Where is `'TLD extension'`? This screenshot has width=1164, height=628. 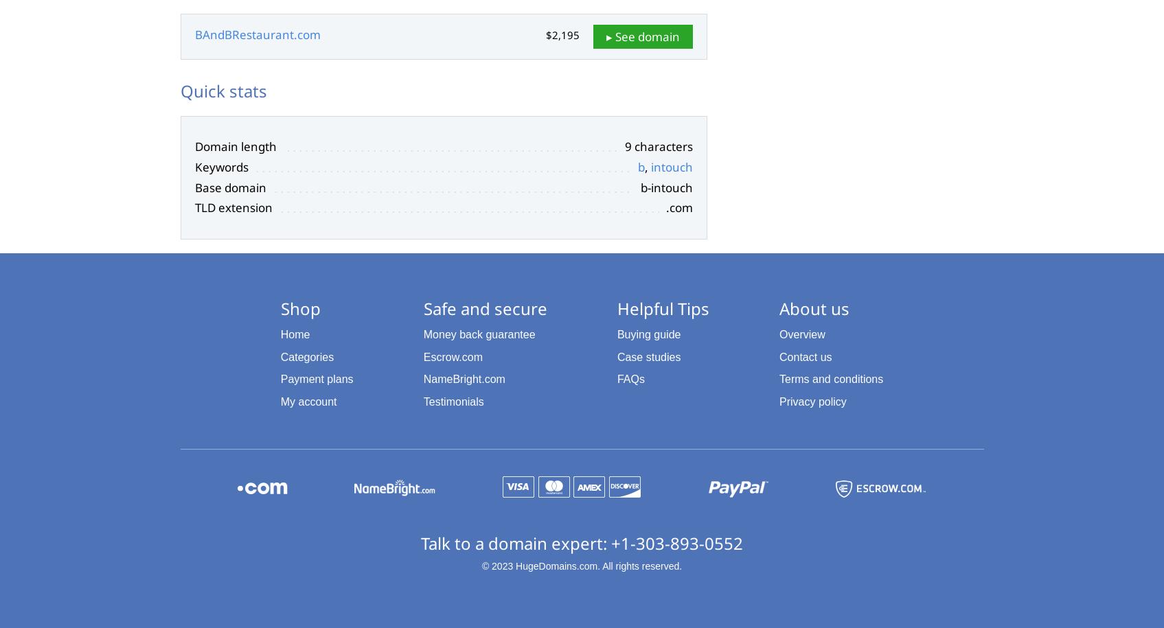 'TLD extension' is located at coordinates (232, 207).